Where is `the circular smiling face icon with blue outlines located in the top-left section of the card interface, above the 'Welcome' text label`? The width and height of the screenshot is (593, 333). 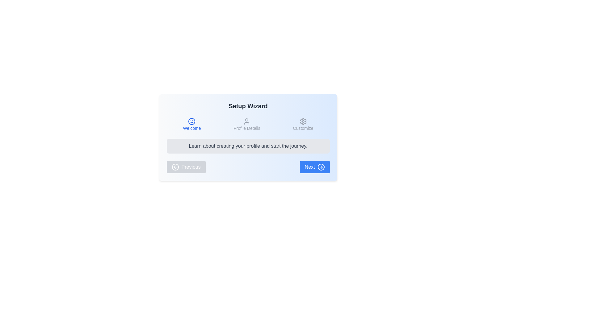
the circular smiling face icon with blue outlines located in the top-left section of the card interface, above the 'Welcome' text label is located at coordinates (191, 121).